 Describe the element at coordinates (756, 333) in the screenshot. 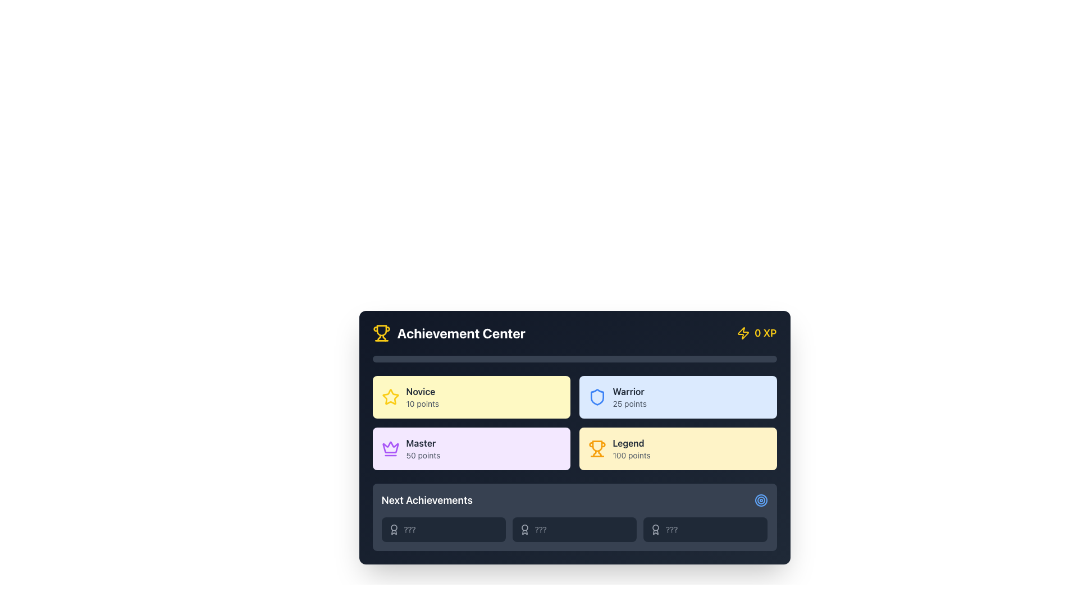

I see `the displayed information in the informational widget showing the user's current experience points (XP) located at the top-right corner of the 'Achievement Center' panel` at that location.